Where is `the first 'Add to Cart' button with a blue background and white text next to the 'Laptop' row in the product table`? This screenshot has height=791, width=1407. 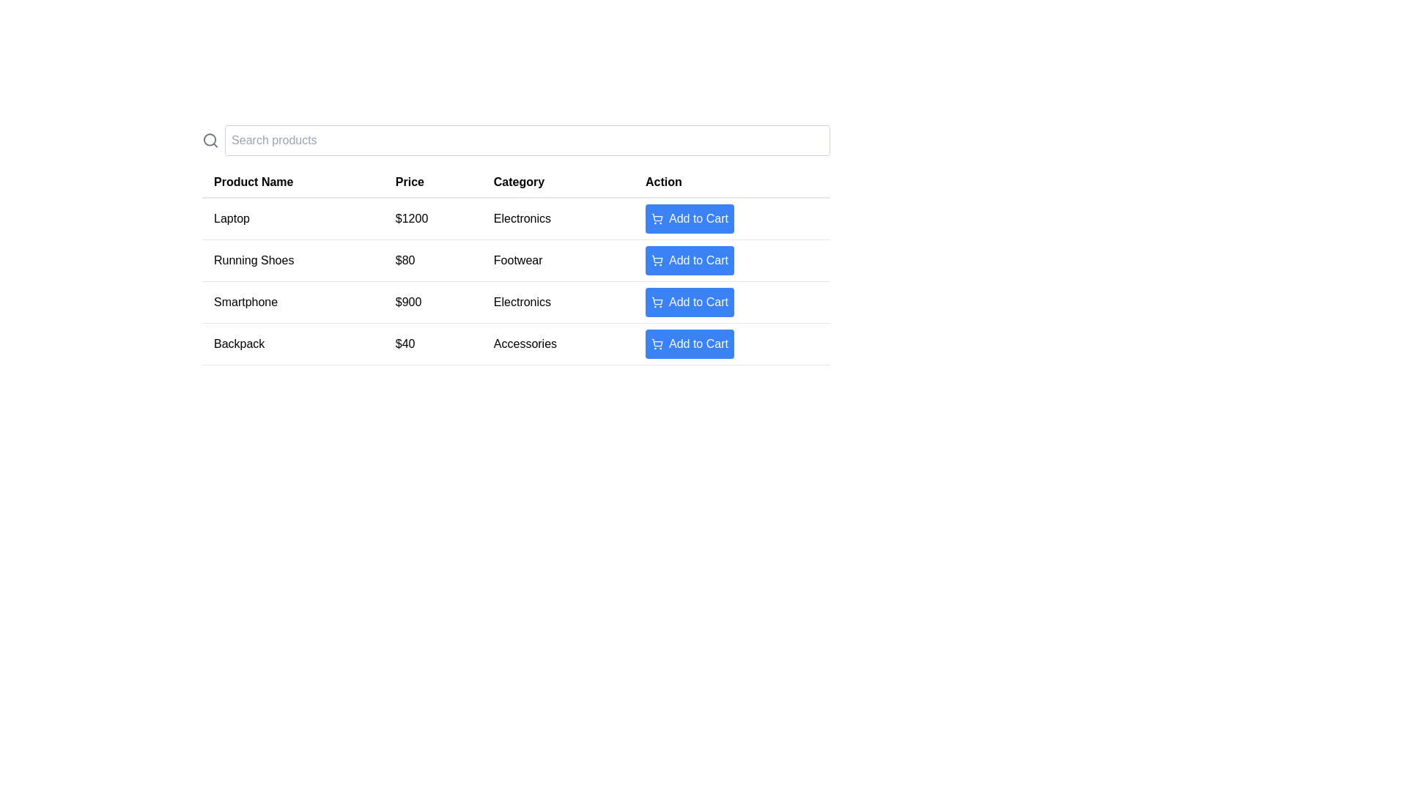 the first 'Add to Cart' button with a blue background and white text next to the 'Laptop' row in the product table is located at coordinates (689, 219).